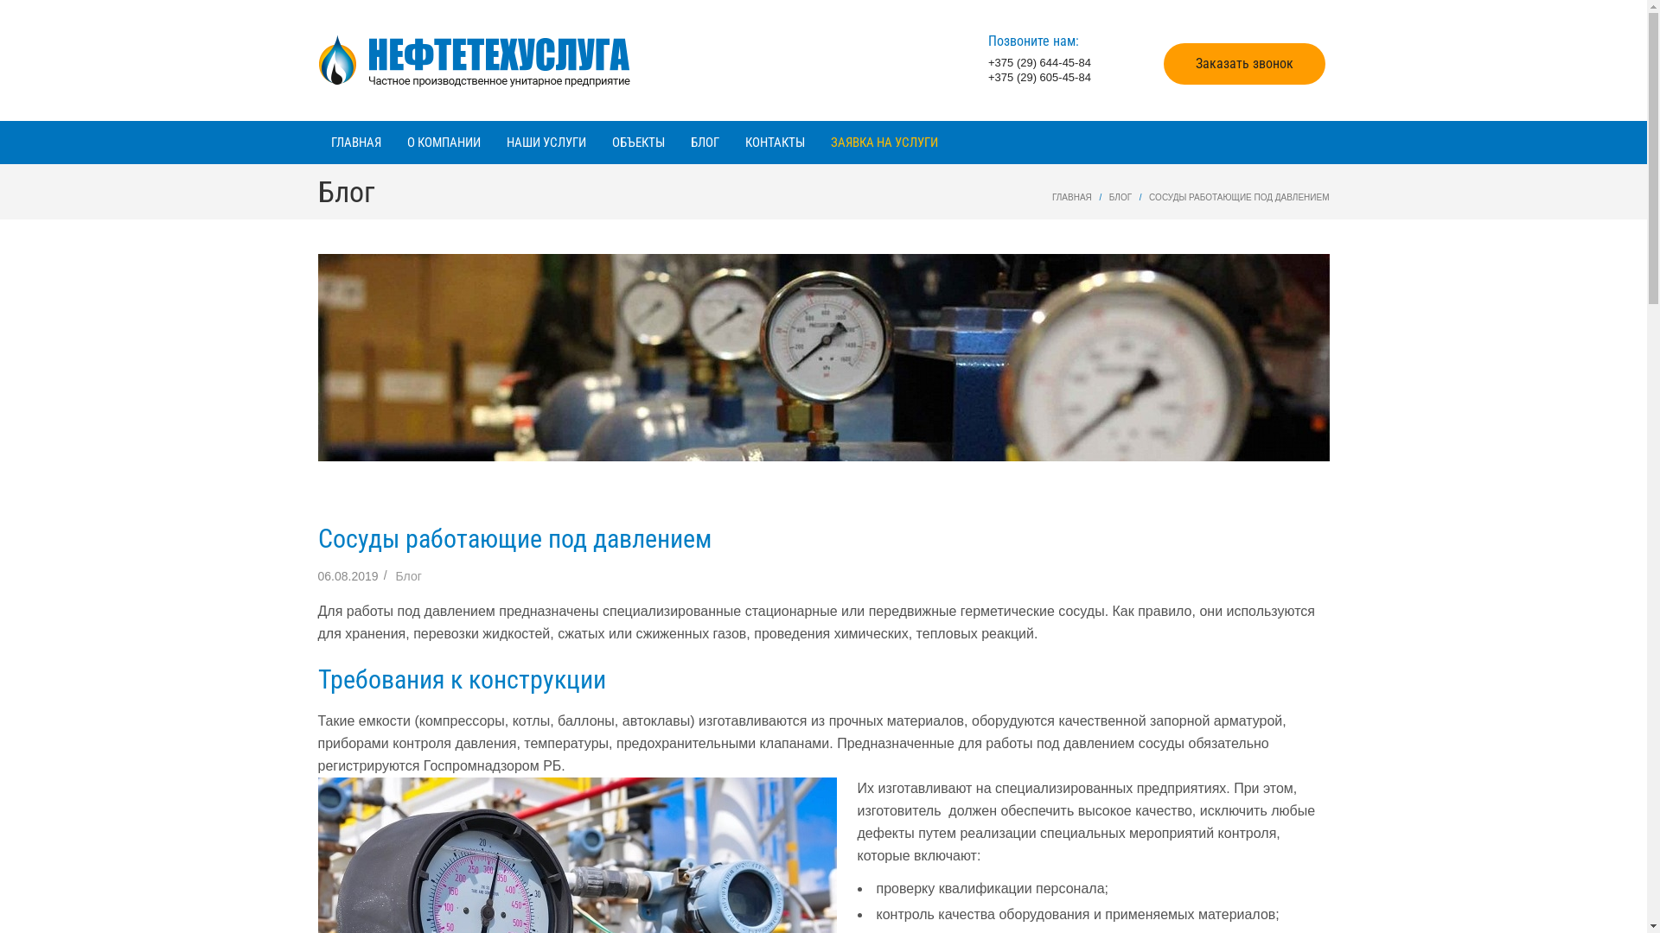 Image resolution: width=1660 pixels, height=933 pixels. I want to click on '+375 (29) 644-45-84', so click(987, 61).